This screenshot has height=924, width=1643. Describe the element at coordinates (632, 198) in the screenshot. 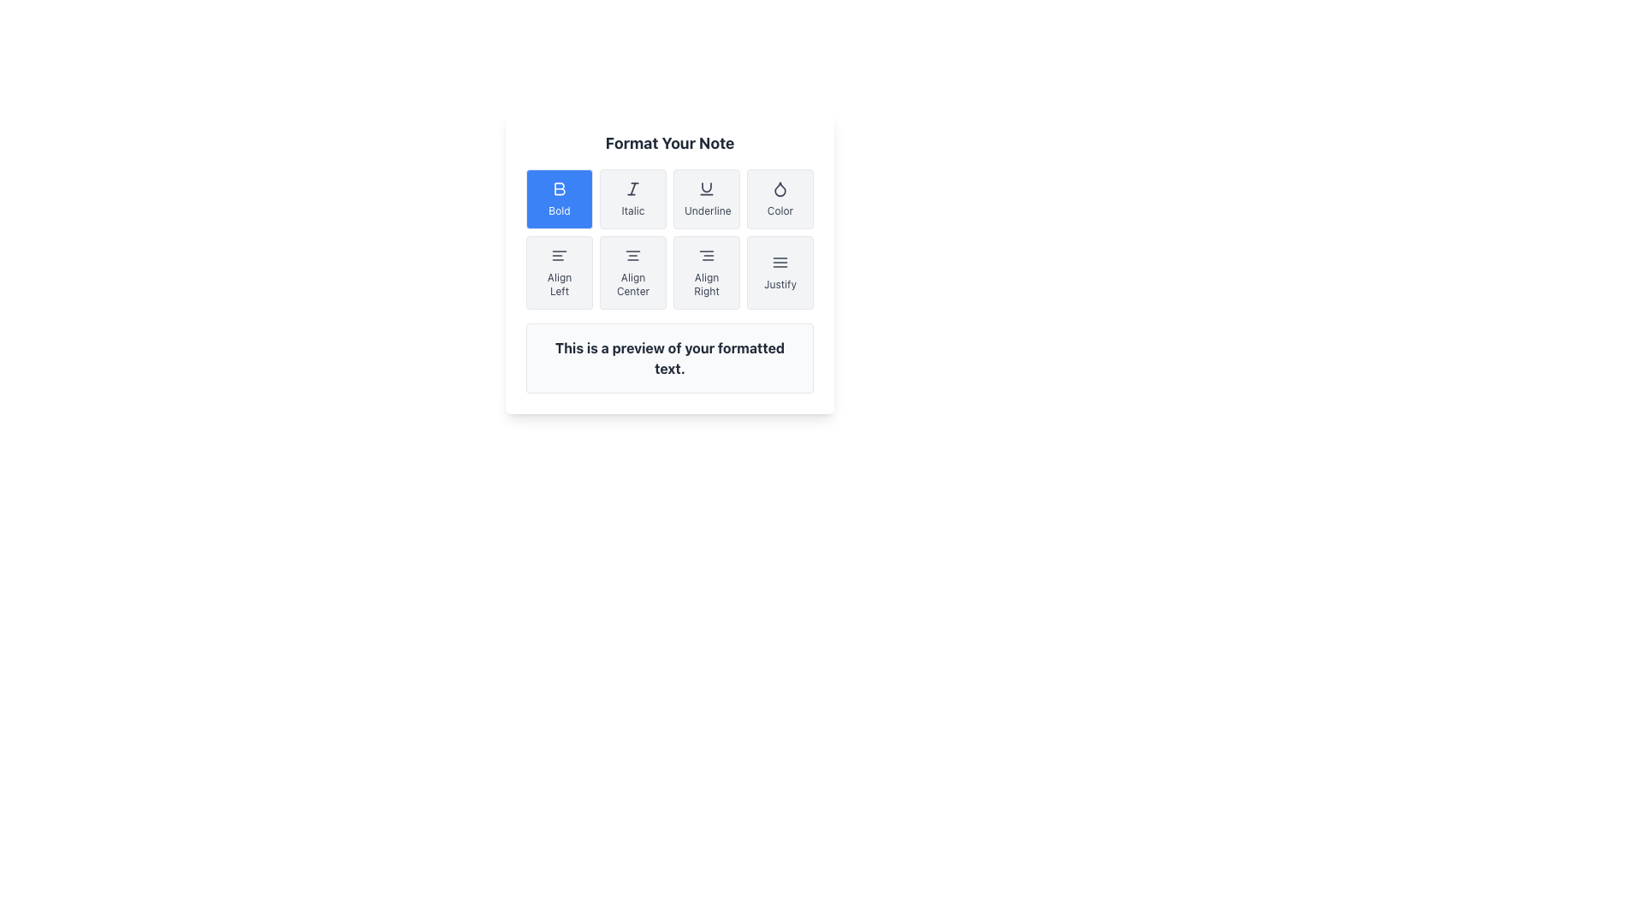

I see `the italic formatting button located in the first row of the grid, between the 'Bold' button and the 'Underline' button` at that location.